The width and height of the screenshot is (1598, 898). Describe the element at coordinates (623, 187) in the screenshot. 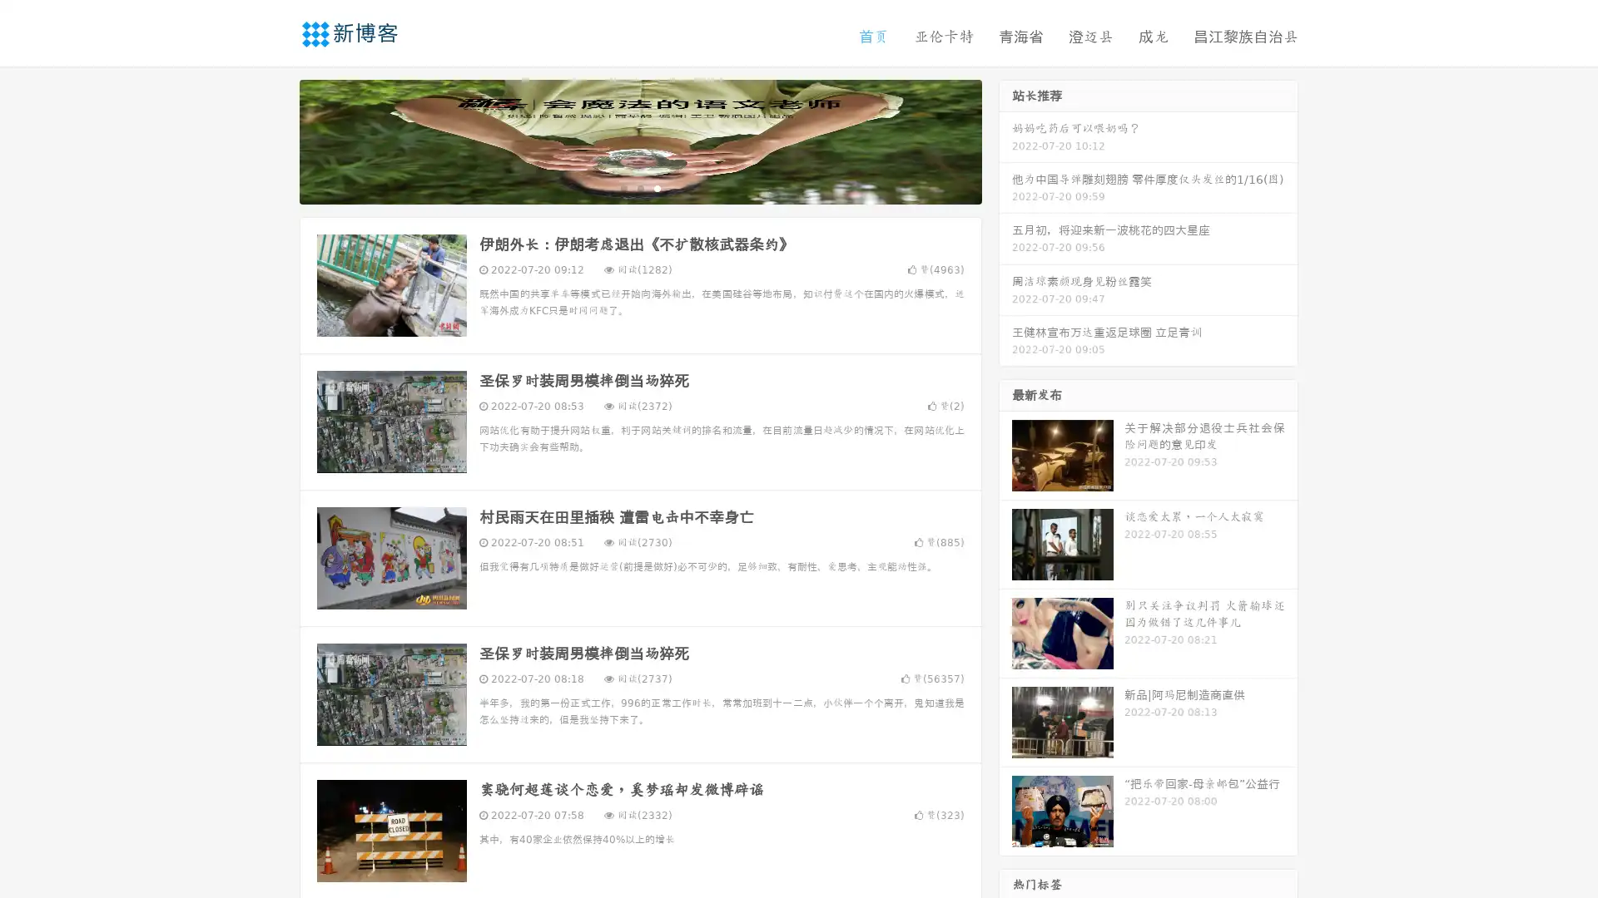

I see `Go to slide 1` at that location.